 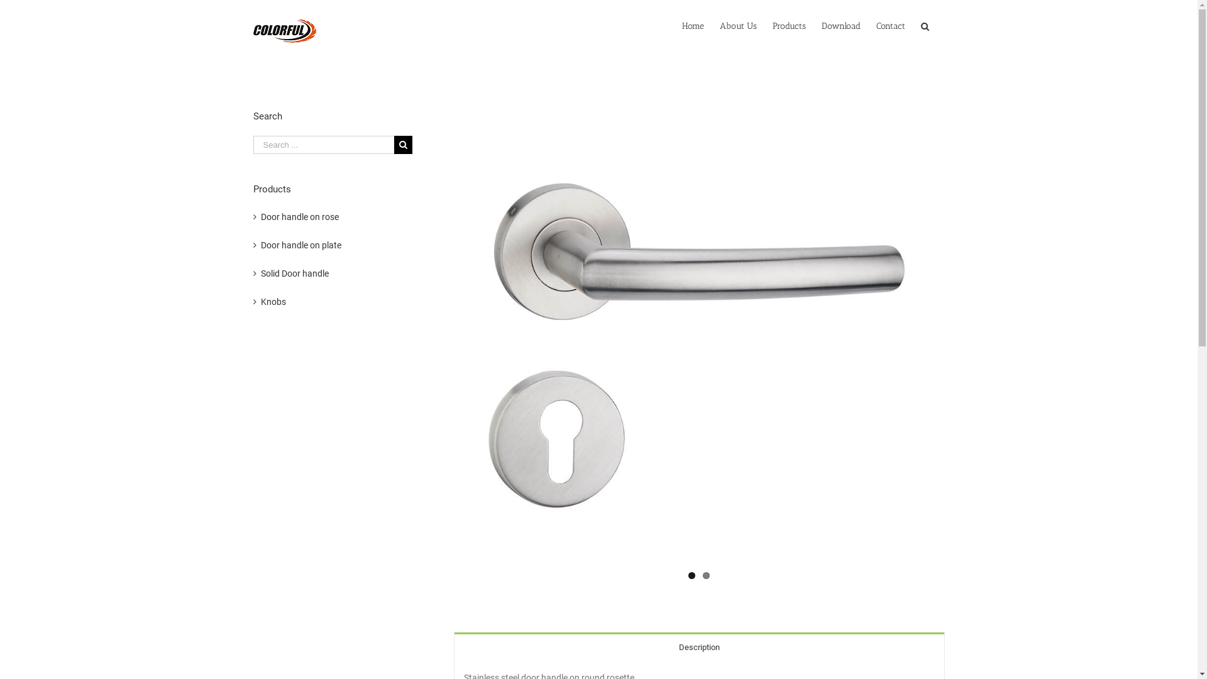 I want to click on 'Solid Door handle', so click(x=293, y=273).